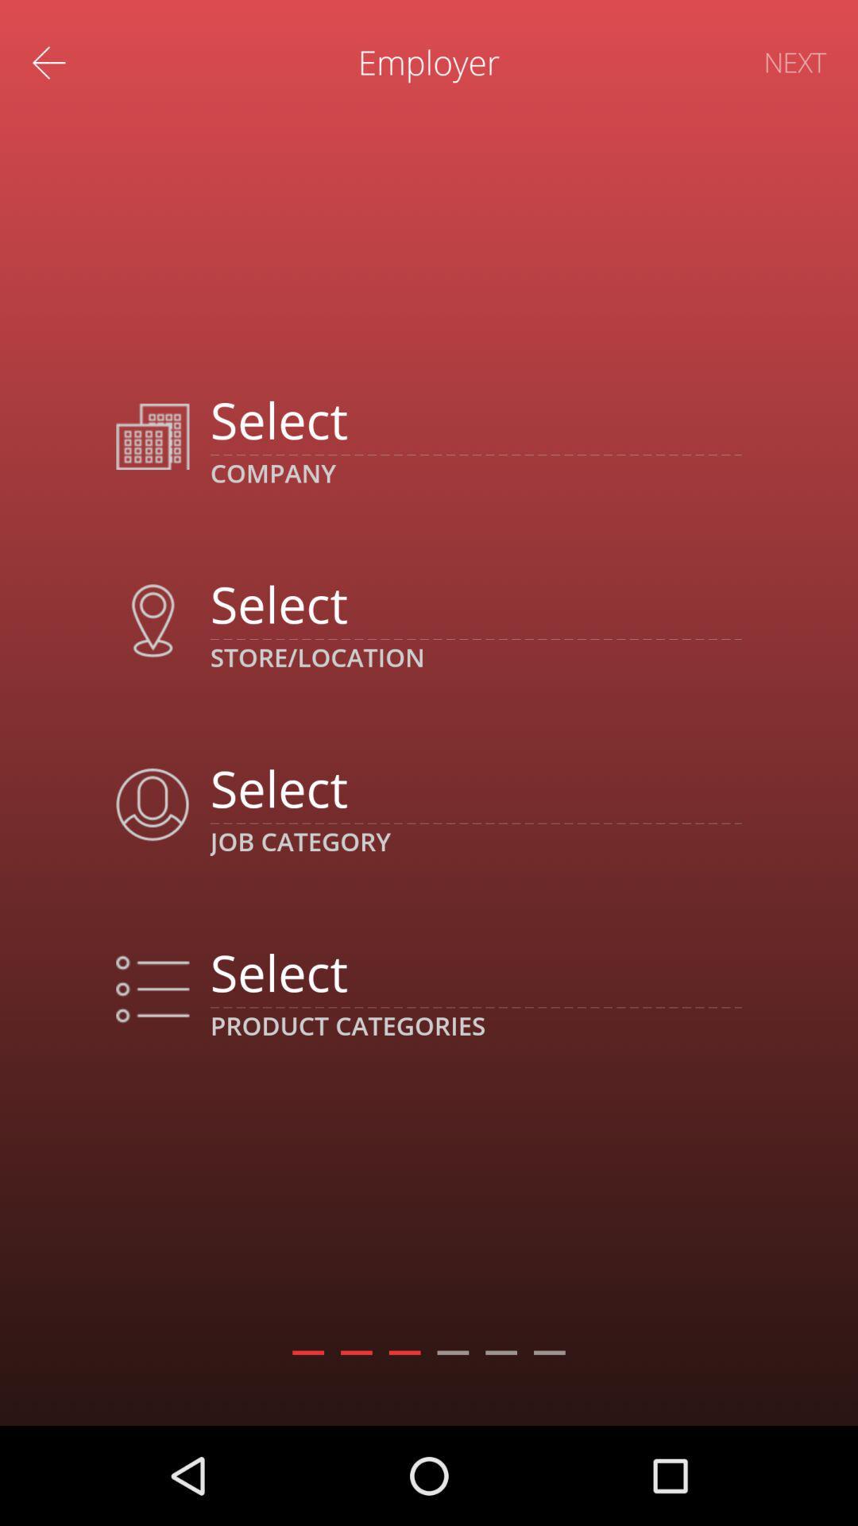 The image size is (858, 1526). I want to click on select storelocation, so click(475, 602).